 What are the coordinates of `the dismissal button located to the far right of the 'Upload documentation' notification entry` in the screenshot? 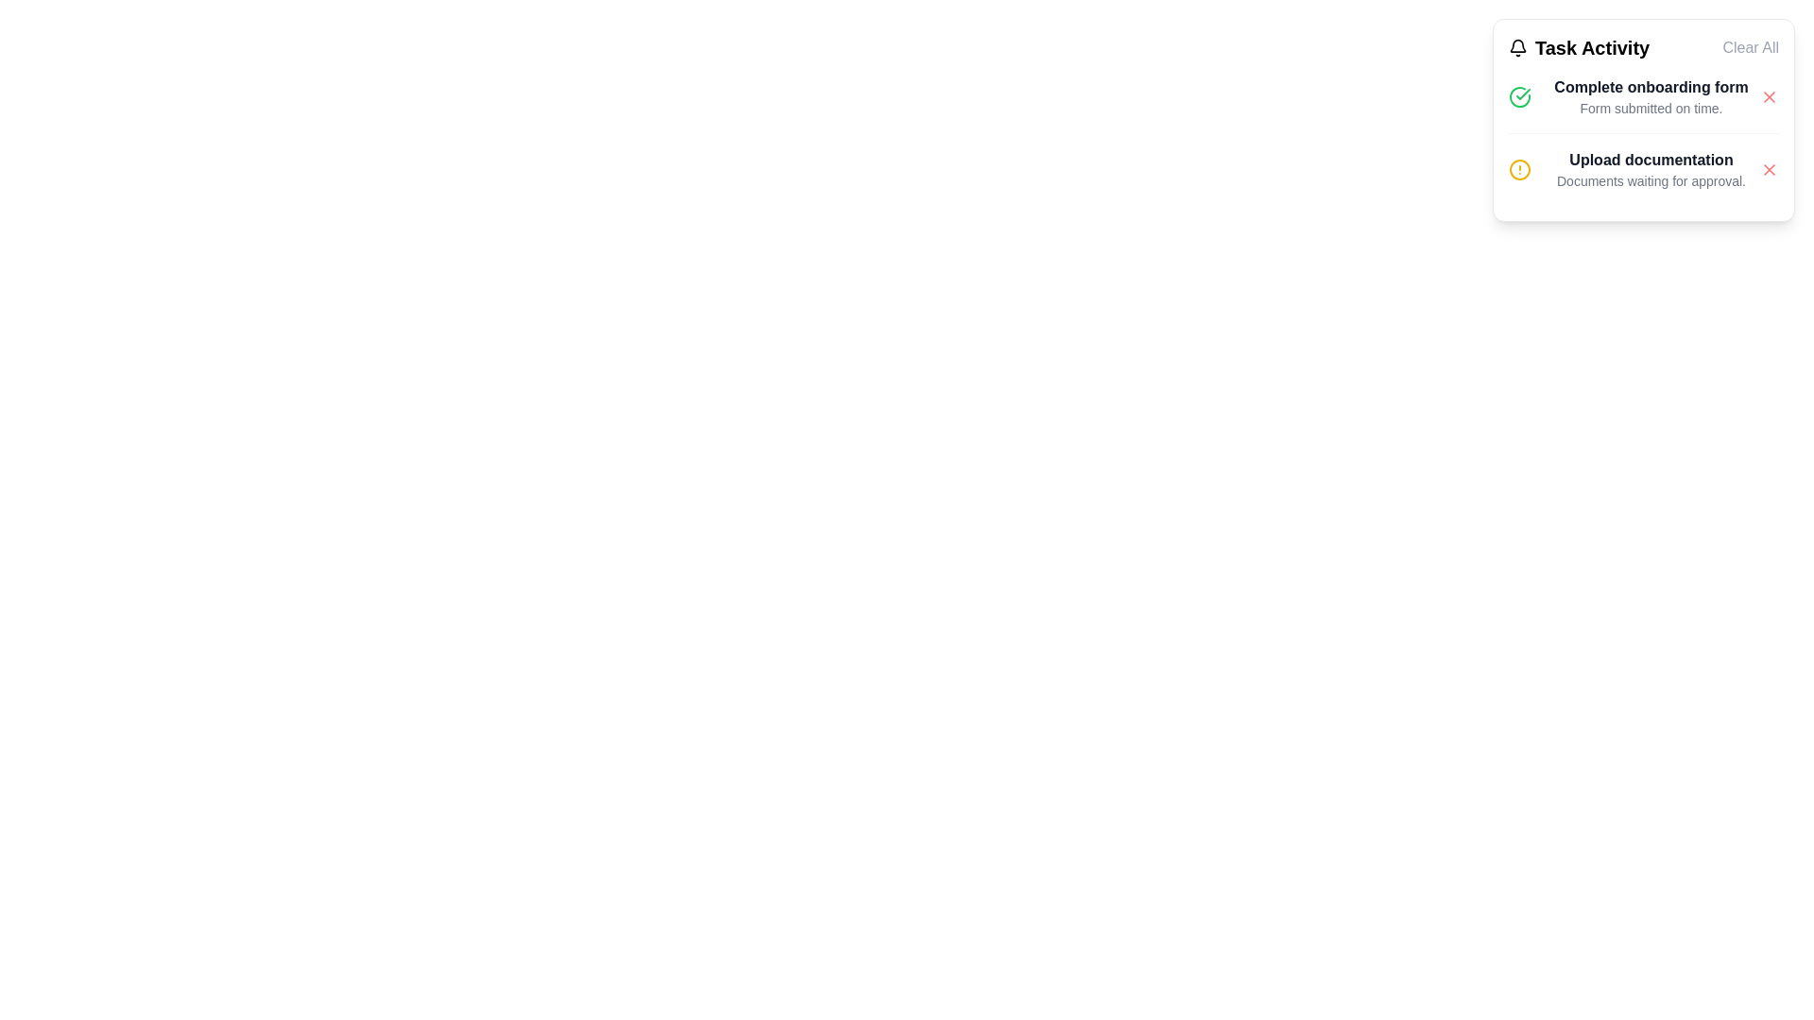 It's located at (1768, 170).